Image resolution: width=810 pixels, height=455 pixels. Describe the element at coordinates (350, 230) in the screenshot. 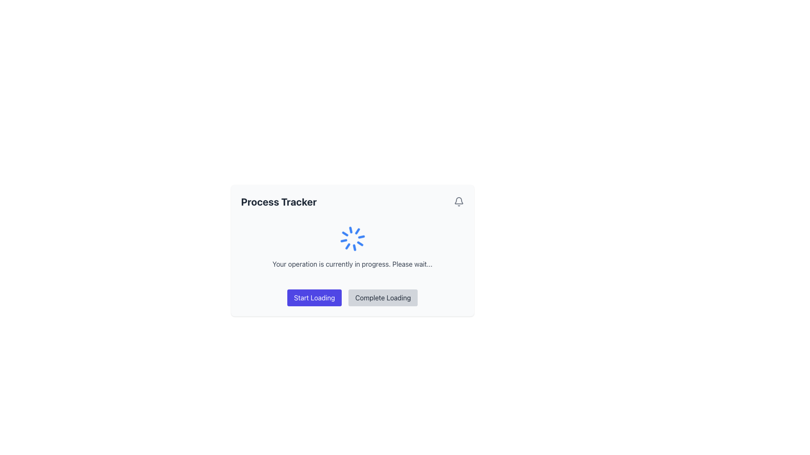

I see `the visual indicator located at the bottom quadrant (6 o'clock position) of the loading spinner, which indicates that a process is in progress` at that location.